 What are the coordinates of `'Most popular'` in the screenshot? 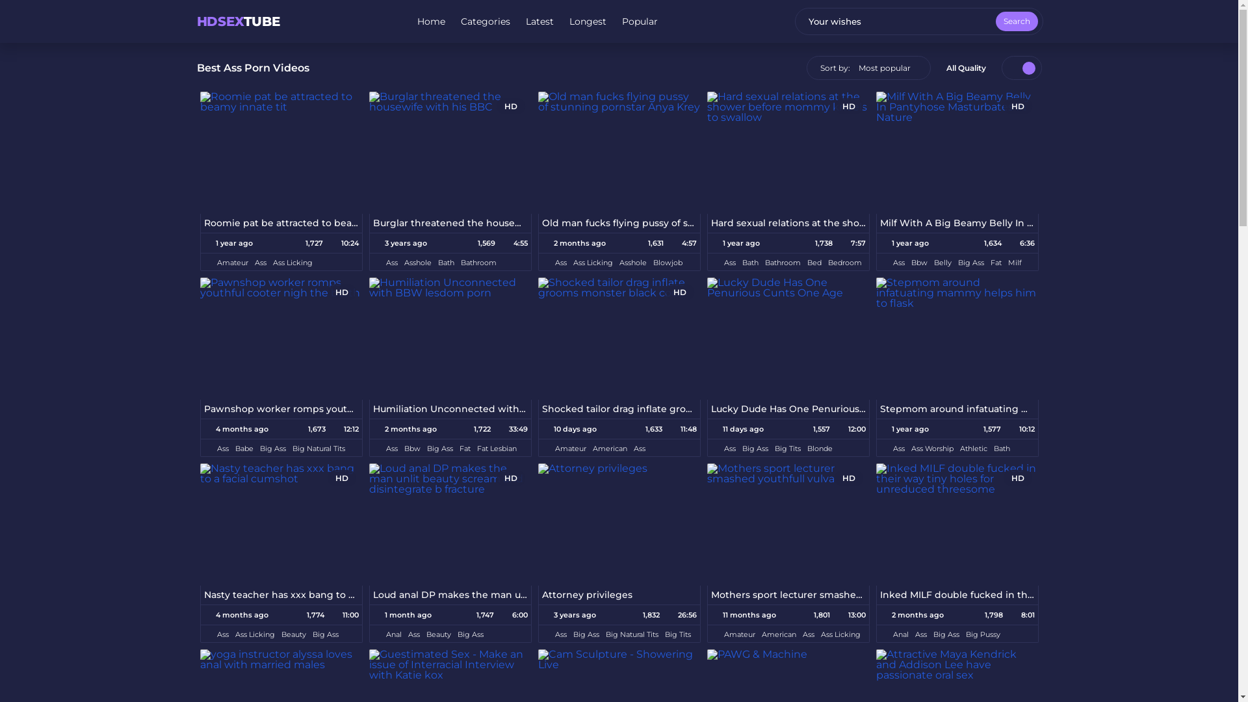 It's located at (883, 68).